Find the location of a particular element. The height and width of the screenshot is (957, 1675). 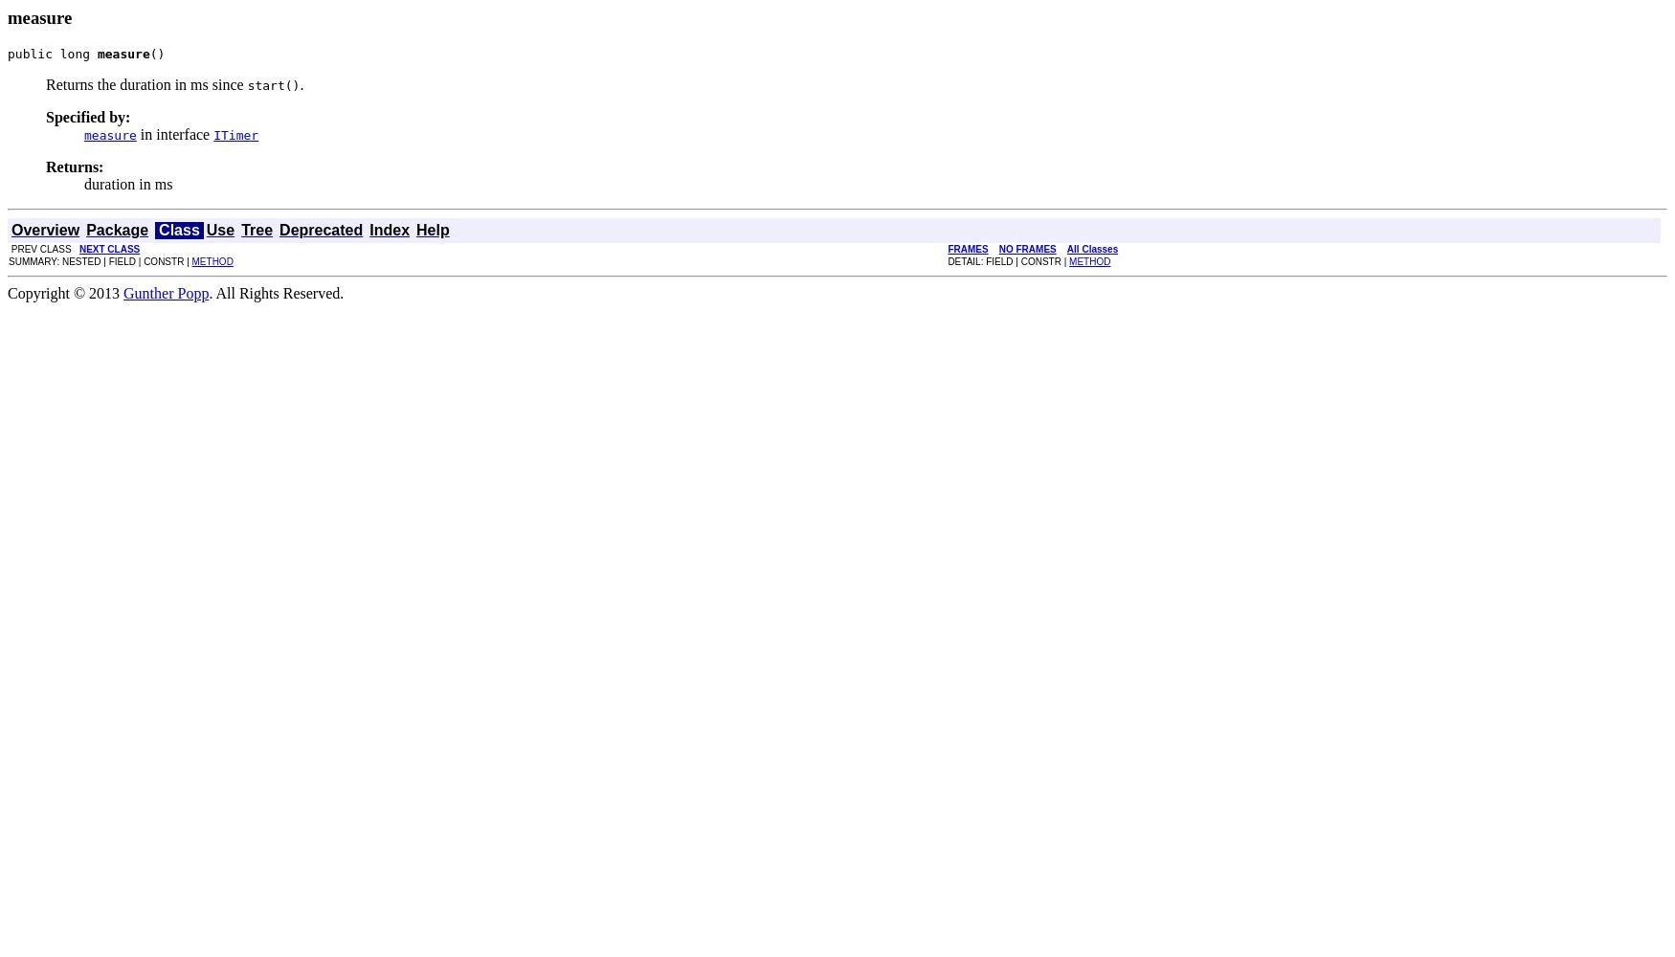

'Help' is located at coordinates (433, 228).